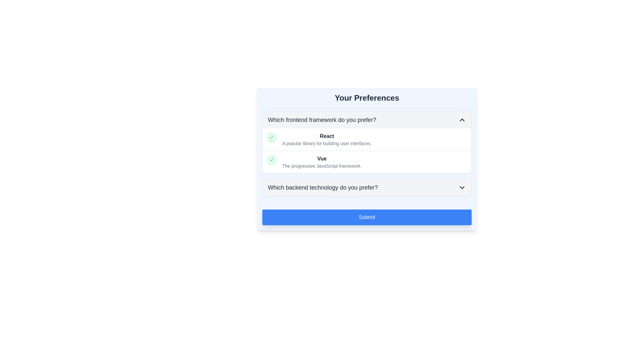 The width and height of the screenshot is (628, 353). I want to click on the bold dark gray label displaying the text 'React', which is situated beneath the section titled 'Which frontend framework do you prefer?' and serves as the header for the first listed option, so click(327, 136).